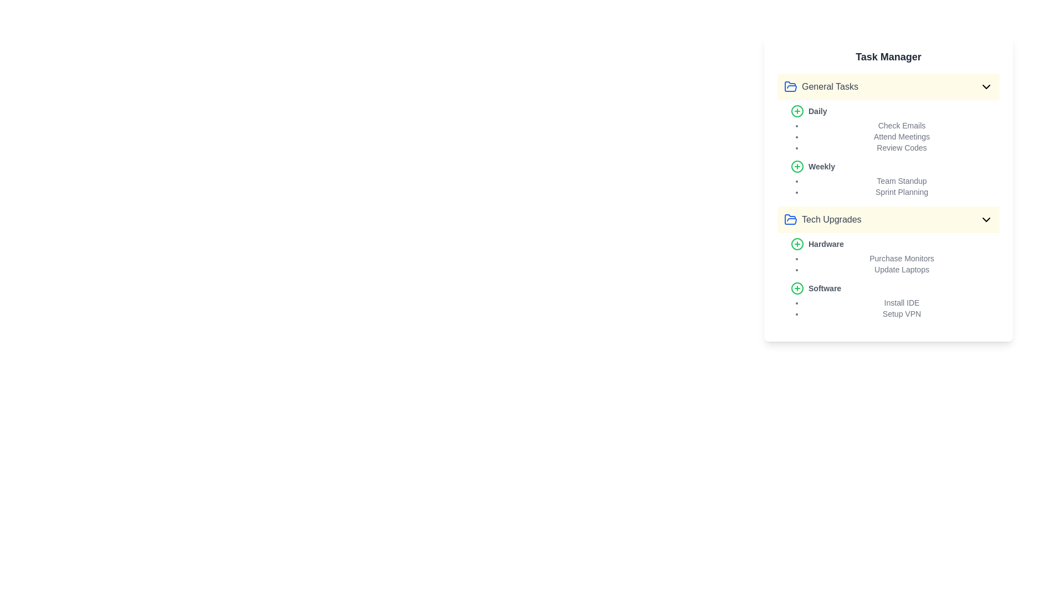 This screenshot has height=598, width=1064. What do you see at coordinates (902, 303) in the screenshot?
I see `the 'Install IDE' text label in the 'Software' section of the 'Tech Upgrades' category, which is the first item in a bulleted list` at bounding box center [902, 303].